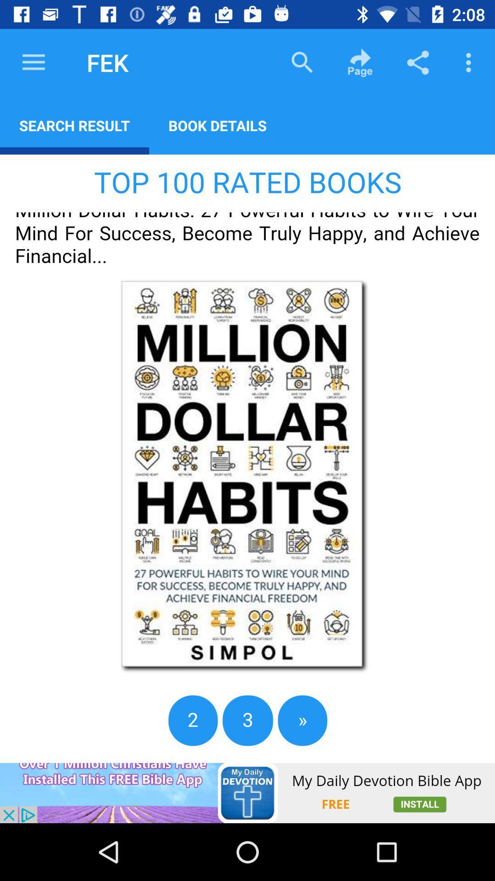  Describe the element at coordinates (302, 62) in the screenshot. I see `the search icon` at that location.